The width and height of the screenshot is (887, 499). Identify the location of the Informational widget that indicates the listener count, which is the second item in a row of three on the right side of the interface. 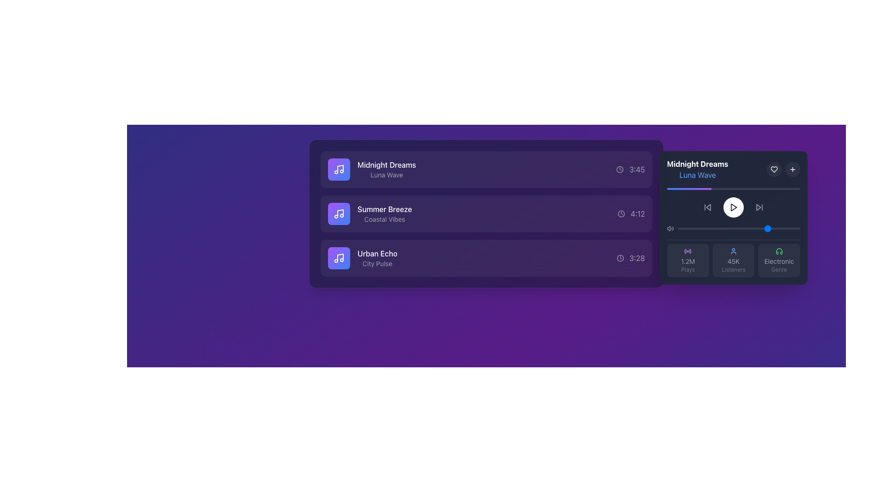
(733, 260).